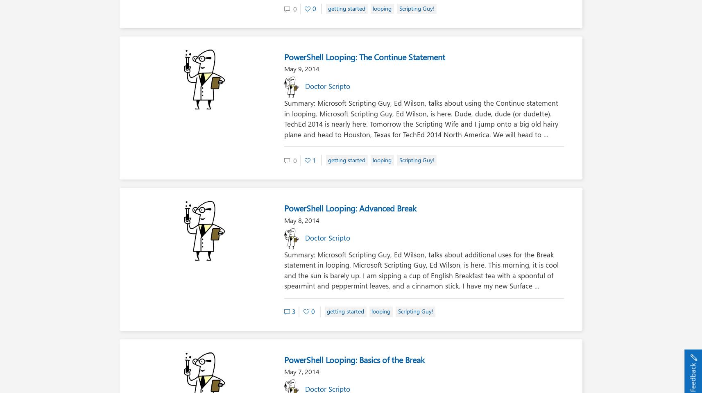 Image resolution: width=702 pixels, height=393 pixels. What do you see at coordinates (421, 118) in the screenshot?
I see `'Summary: Microsoft Scripting Guy, Ed Wilson, talks about using the Continue statement in looping.

Microsoft Scripting Guy, Ed Wilson, is here. Dude, dude, dude (or dudette). TechEd 2014 is nearly here. Tomorrow the Scripting Wife and I jump onto a big old hairy plane and head to Houston, Texas for TechEd 2014 North America.

We will head to ...'` at bounding box center [421, 118].